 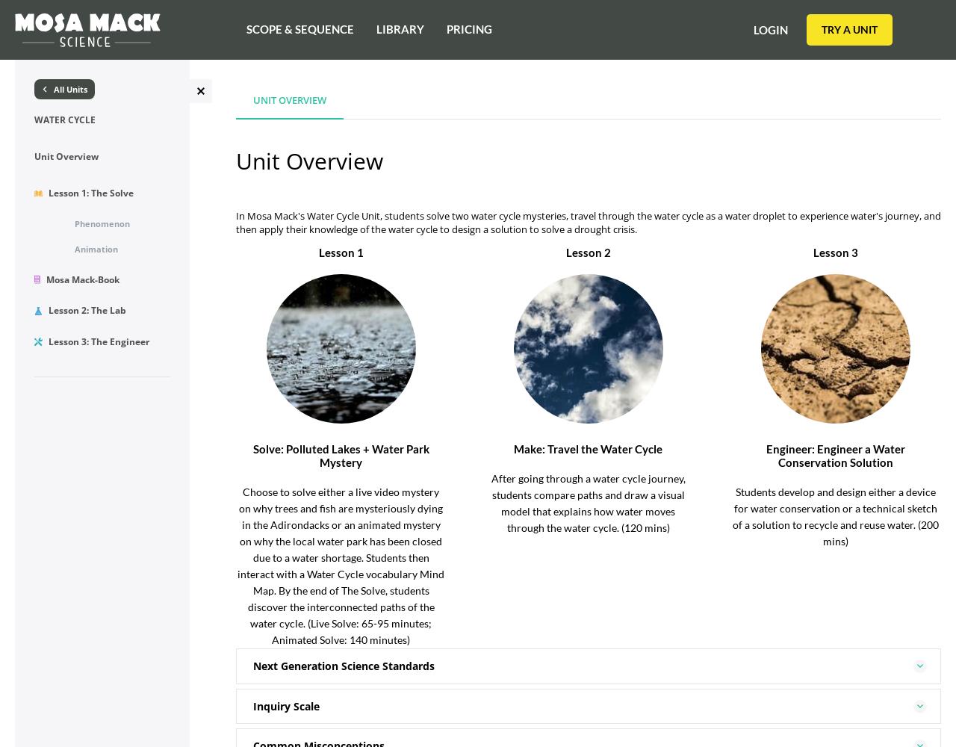 I want to click on 'Water Cycle', so click(x=64, y=120).